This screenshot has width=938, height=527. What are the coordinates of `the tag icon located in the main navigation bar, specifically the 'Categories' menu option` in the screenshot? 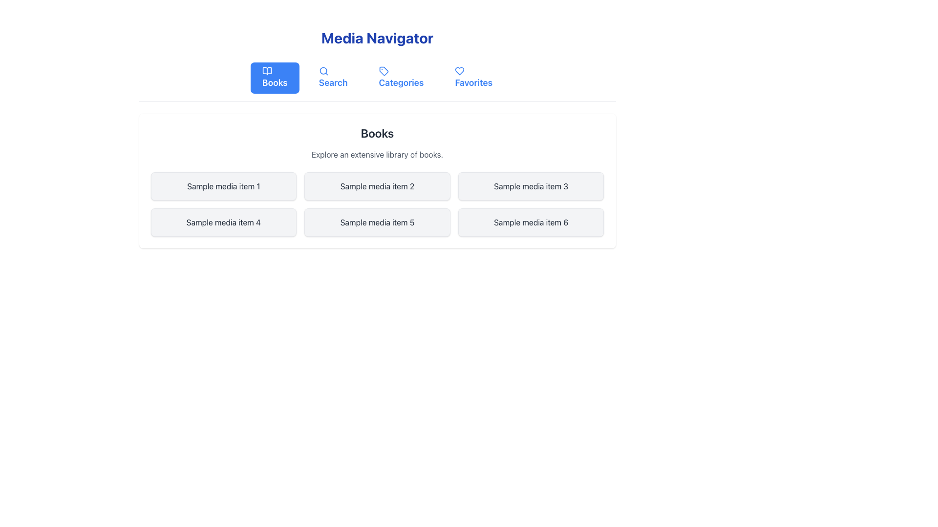 It's located at (383, 71).